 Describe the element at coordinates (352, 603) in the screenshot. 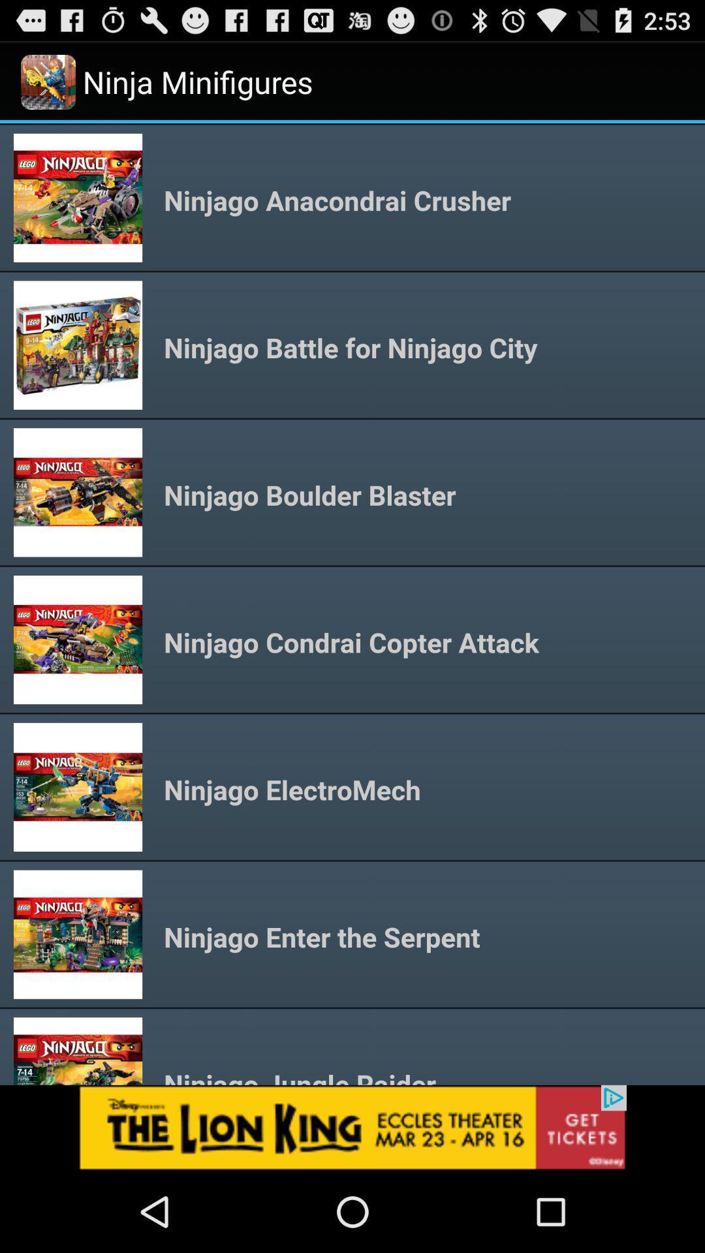

I see `content area` at that location.